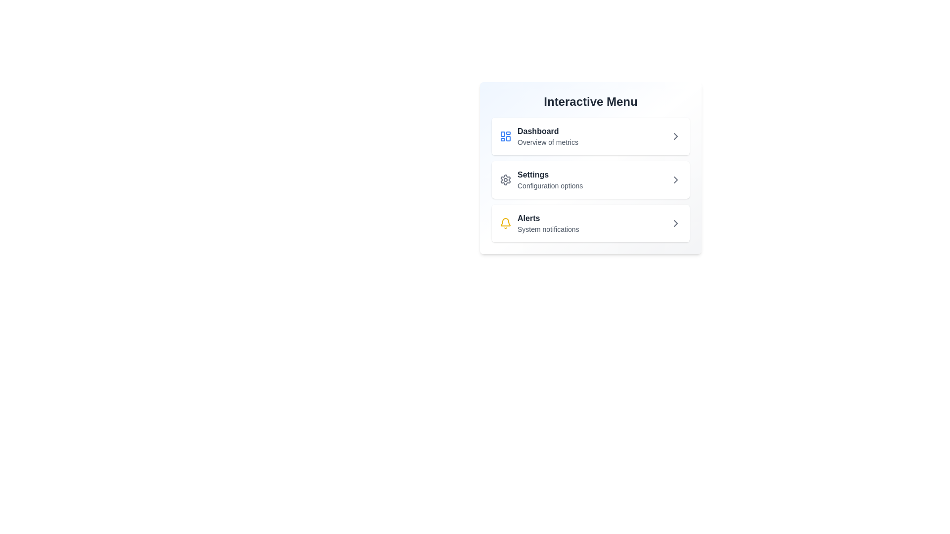 The image size is (950, 534). What do you see at coordinates (539, 223) in the screenshot?
I see `the 'Alerts' menu item, which features a yellow bell icon and contains the text 'Alerts' in bold and 'System notifications' in smaller gray font` at bounding box center [539, 223].